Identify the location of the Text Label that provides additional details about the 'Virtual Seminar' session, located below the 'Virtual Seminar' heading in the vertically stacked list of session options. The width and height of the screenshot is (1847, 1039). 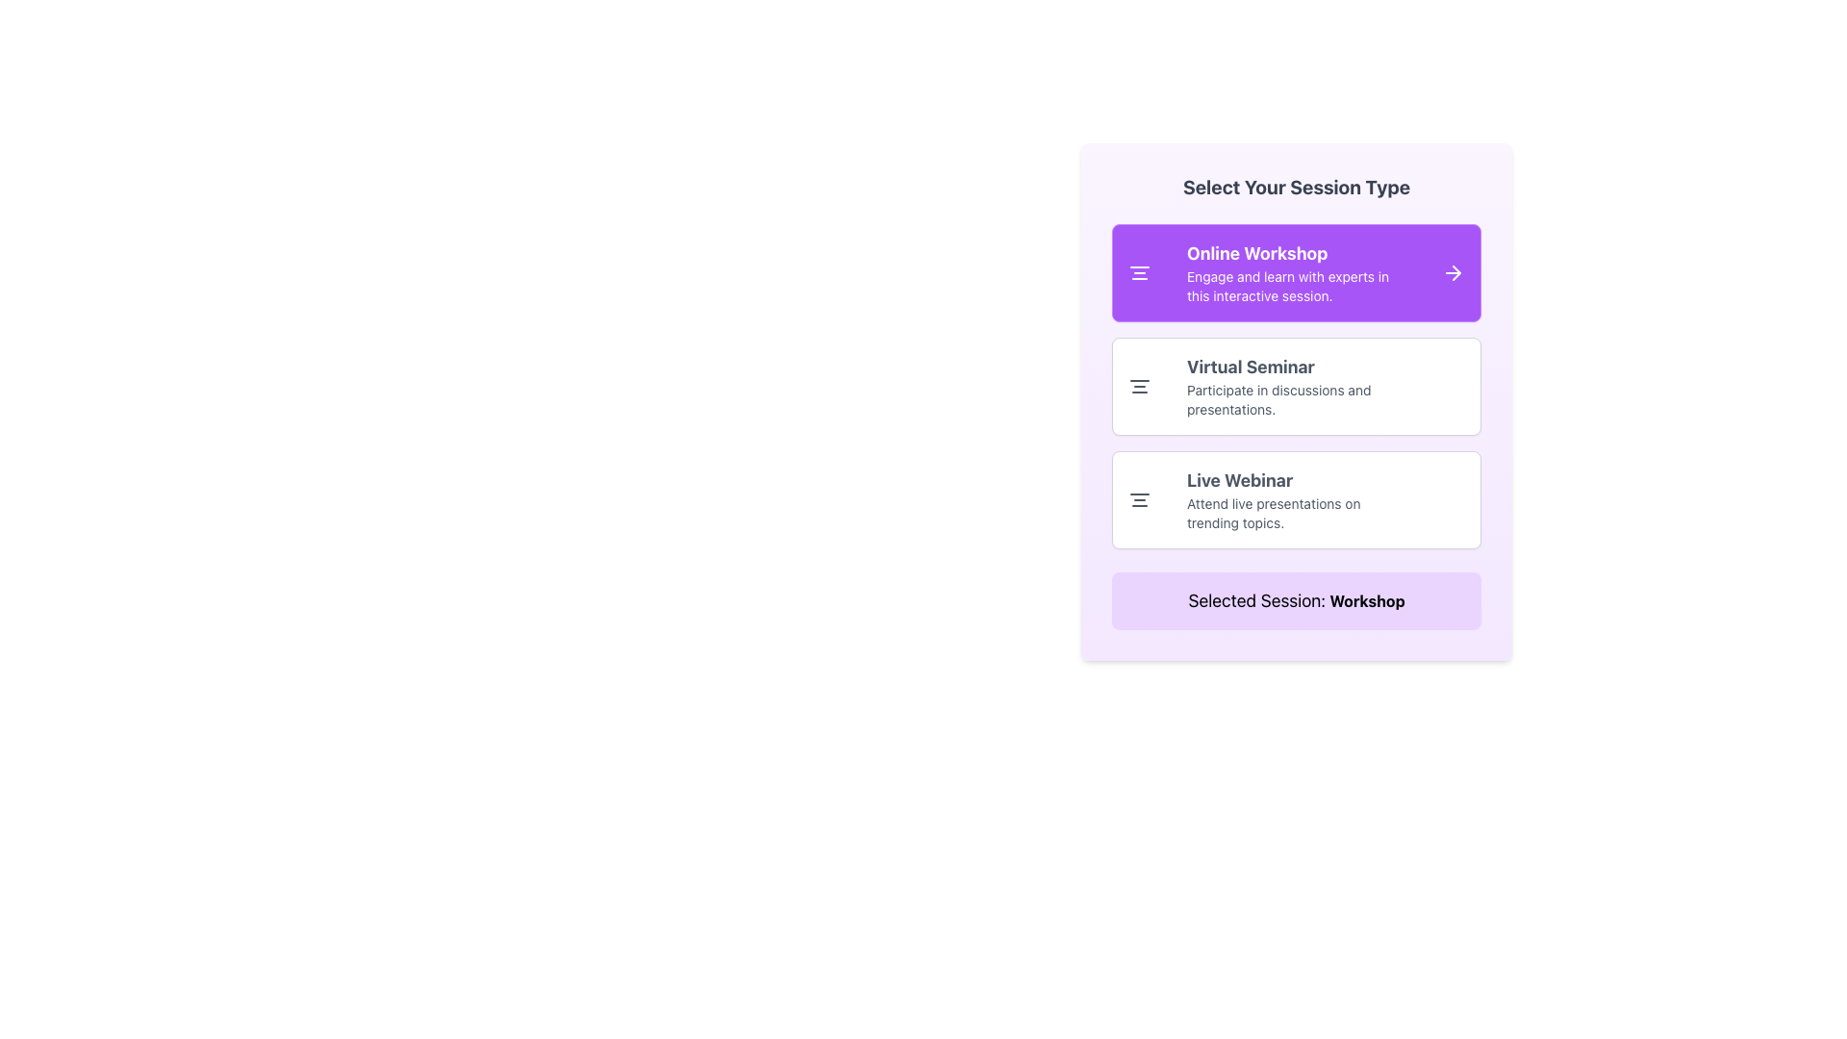
(1297, 399).